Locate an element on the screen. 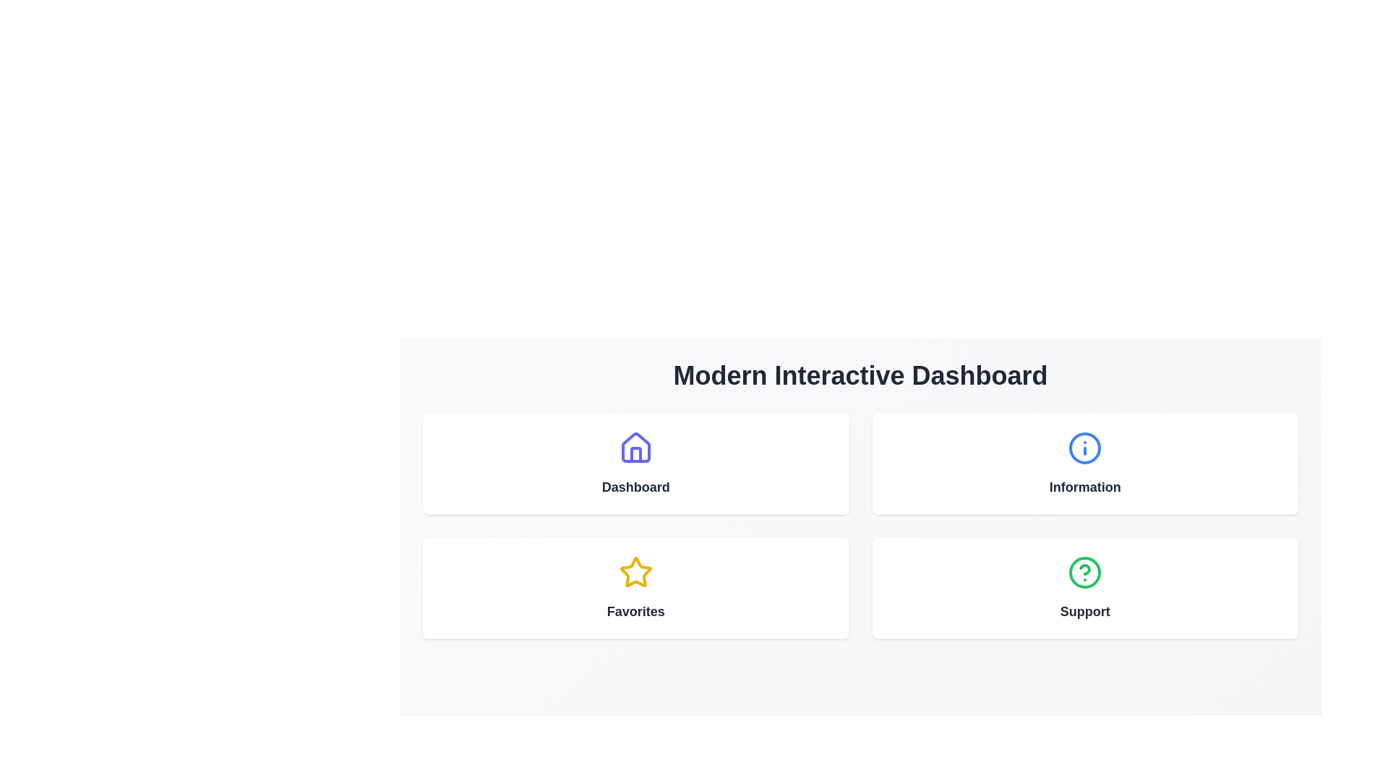  the circular green outlined SVG element with a question mark, located below the 'Information' section in the 'Support' card is located at coordinates (1085, 571).